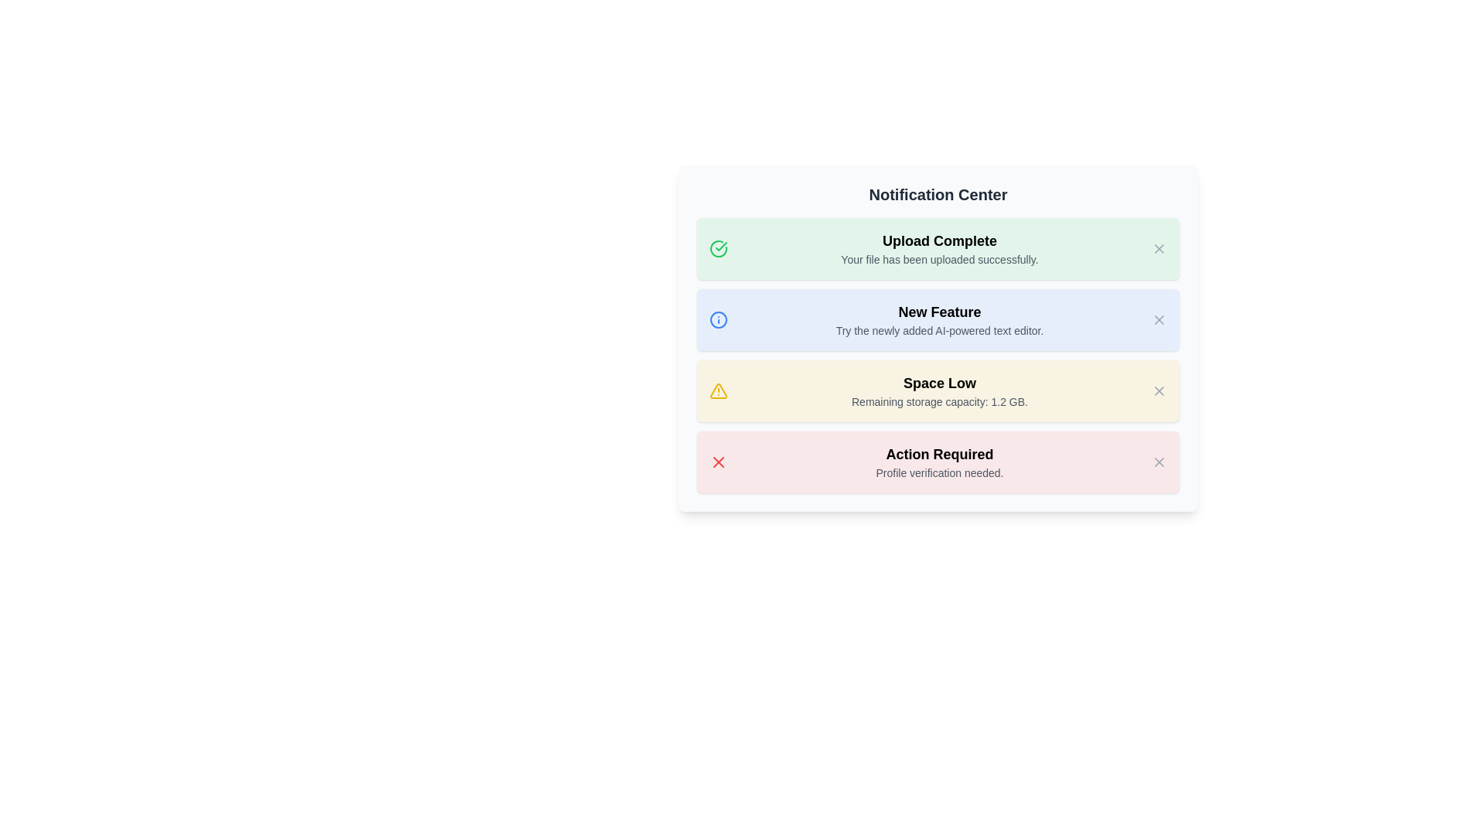 Image resolution: width=1484 pixels, height=835 pixels. What do you see at coordinates (718, 390) in the screenshot?
I see `the yellow warning triangle icon with an exclamation mark that indicates the 'Space Low' alert located next to the 'Space Low' text in the notification center` at bounding box center [718, 390].